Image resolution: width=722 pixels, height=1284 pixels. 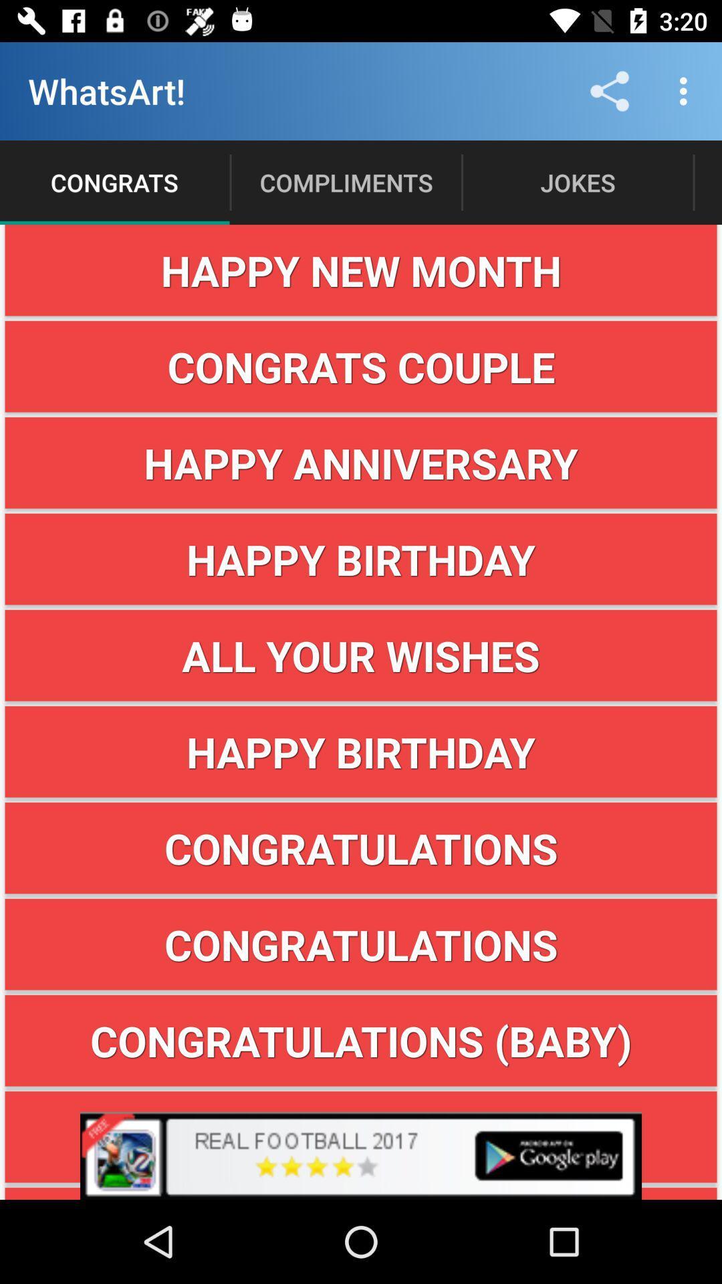 I want to click on the item above happy new month item, so click(x=687, y=90).